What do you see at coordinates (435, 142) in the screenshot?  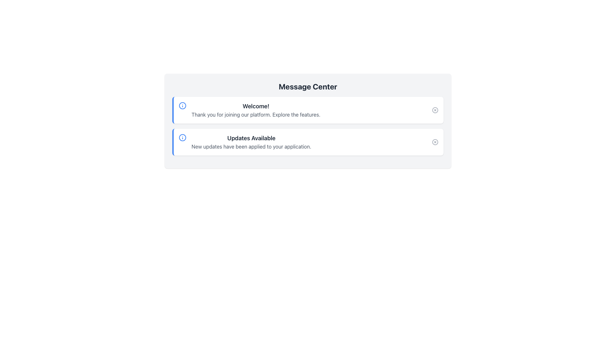 I see `the dismiss button located on the far-right side of the message box titled 'Updates Available' to observe interaction` at bounding box center [435, 142].